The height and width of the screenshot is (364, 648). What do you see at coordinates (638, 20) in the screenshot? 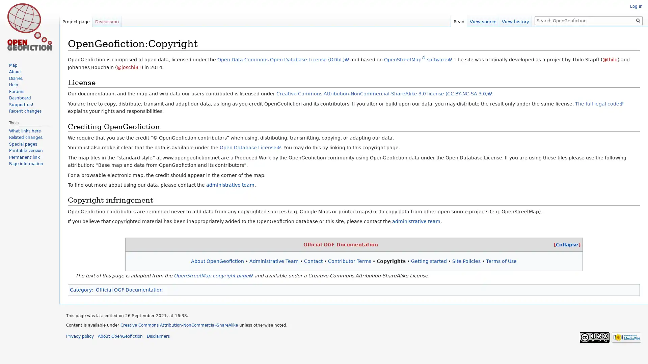
I see `Search` at bounding box center [638, 20].